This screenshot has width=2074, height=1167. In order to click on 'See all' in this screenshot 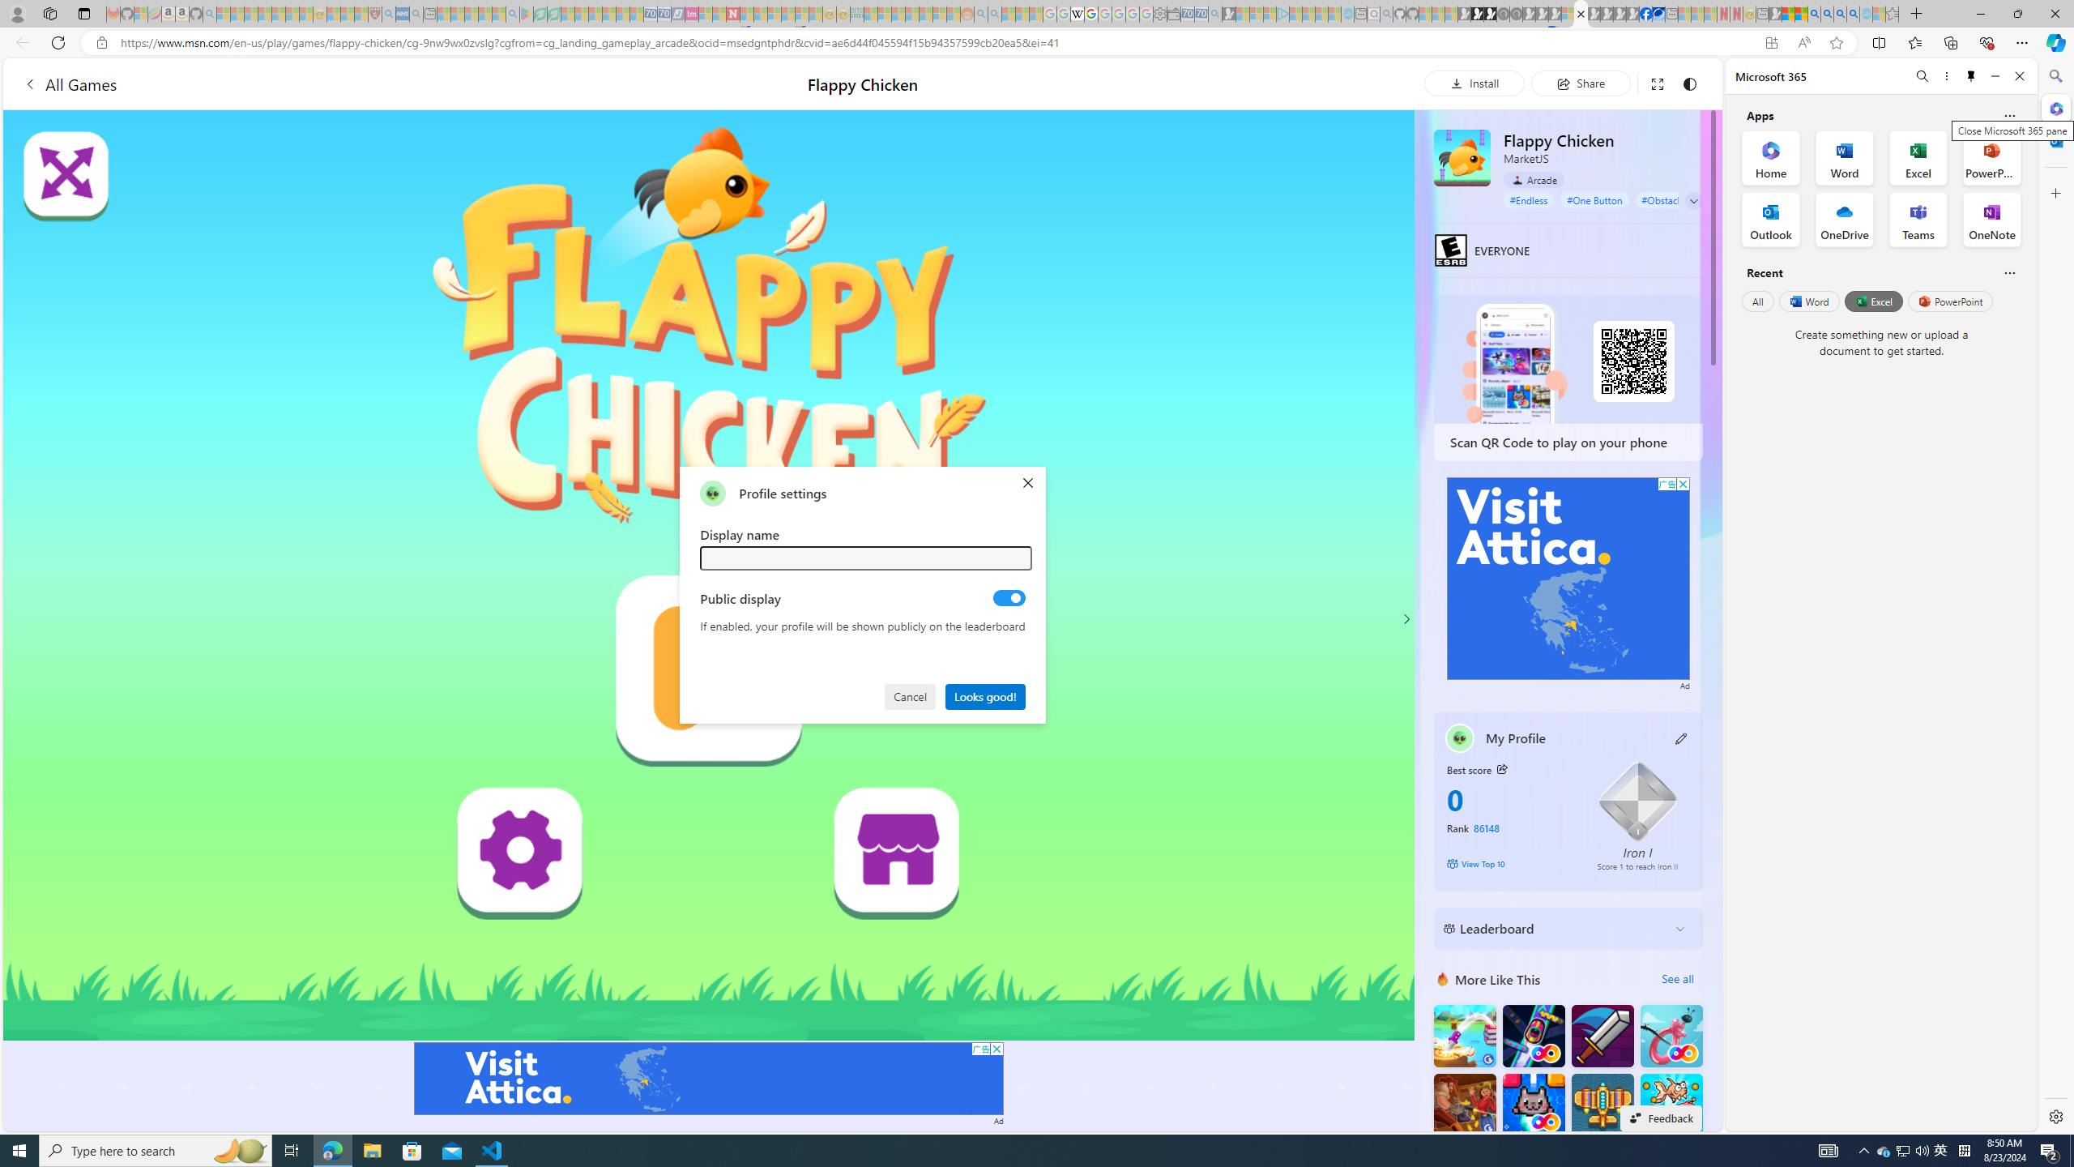, I will do `click(1677, 978)`.